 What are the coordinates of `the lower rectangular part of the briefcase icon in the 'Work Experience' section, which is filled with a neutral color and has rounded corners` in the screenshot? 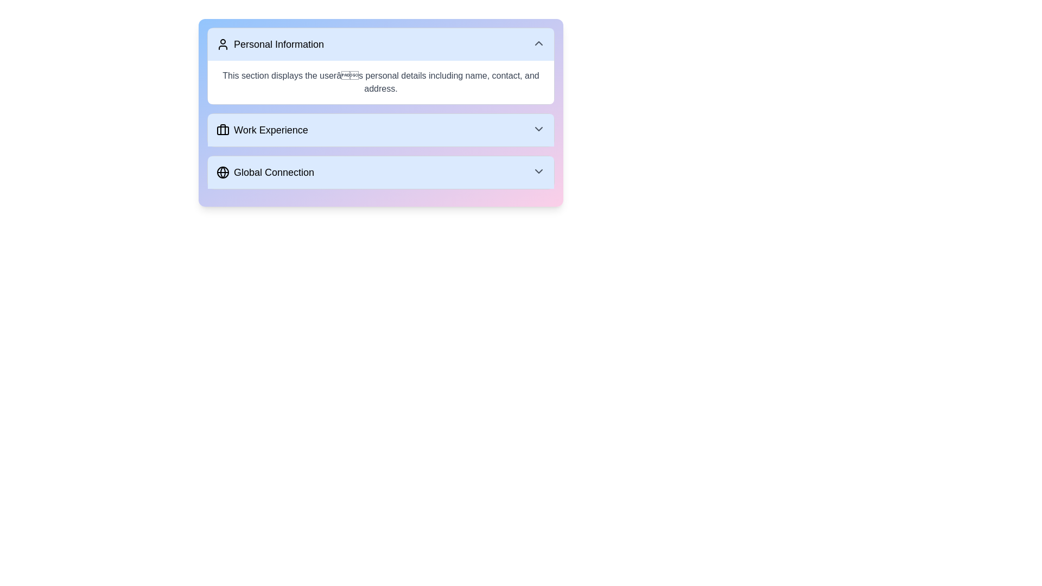 It's located at (223, 130).